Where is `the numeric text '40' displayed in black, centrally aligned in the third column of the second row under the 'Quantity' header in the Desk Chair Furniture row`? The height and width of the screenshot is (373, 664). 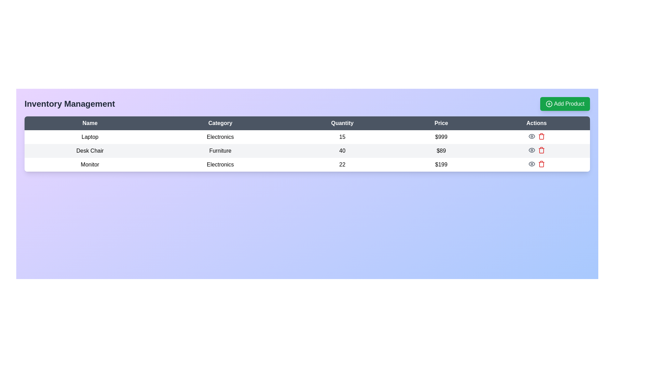
the numeric text '40' displayed in black, centrally aligned in the third column of the second row under the 'Quantity' header in the Desk Chair Furniture row is located at coordinates (342, 150).